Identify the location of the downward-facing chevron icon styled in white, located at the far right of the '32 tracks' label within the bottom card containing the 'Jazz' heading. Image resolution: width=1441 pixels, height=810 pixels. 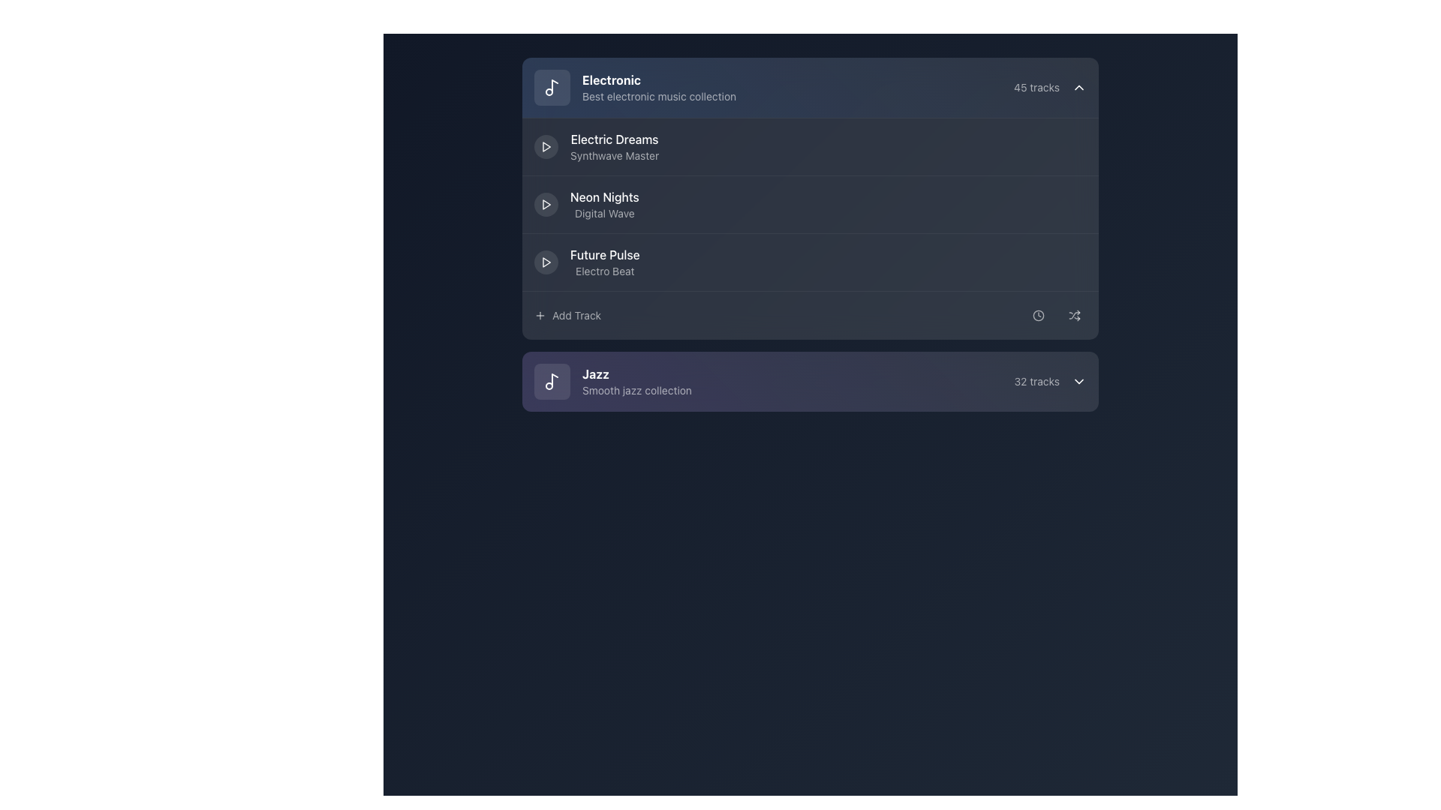
(1078, 381).